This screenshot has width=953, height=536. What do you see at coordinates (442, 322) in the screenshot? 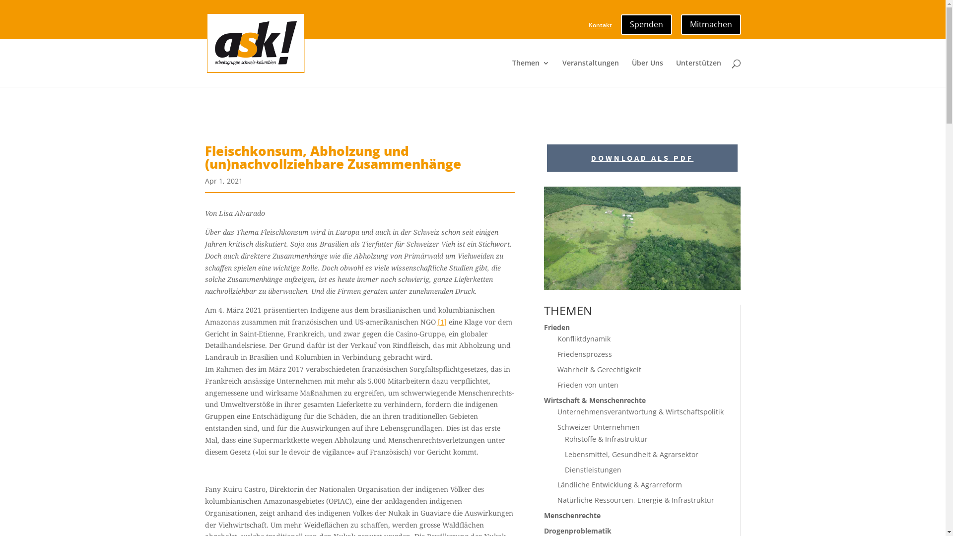
I see `'[1]'` at bounding box center [442, 322].